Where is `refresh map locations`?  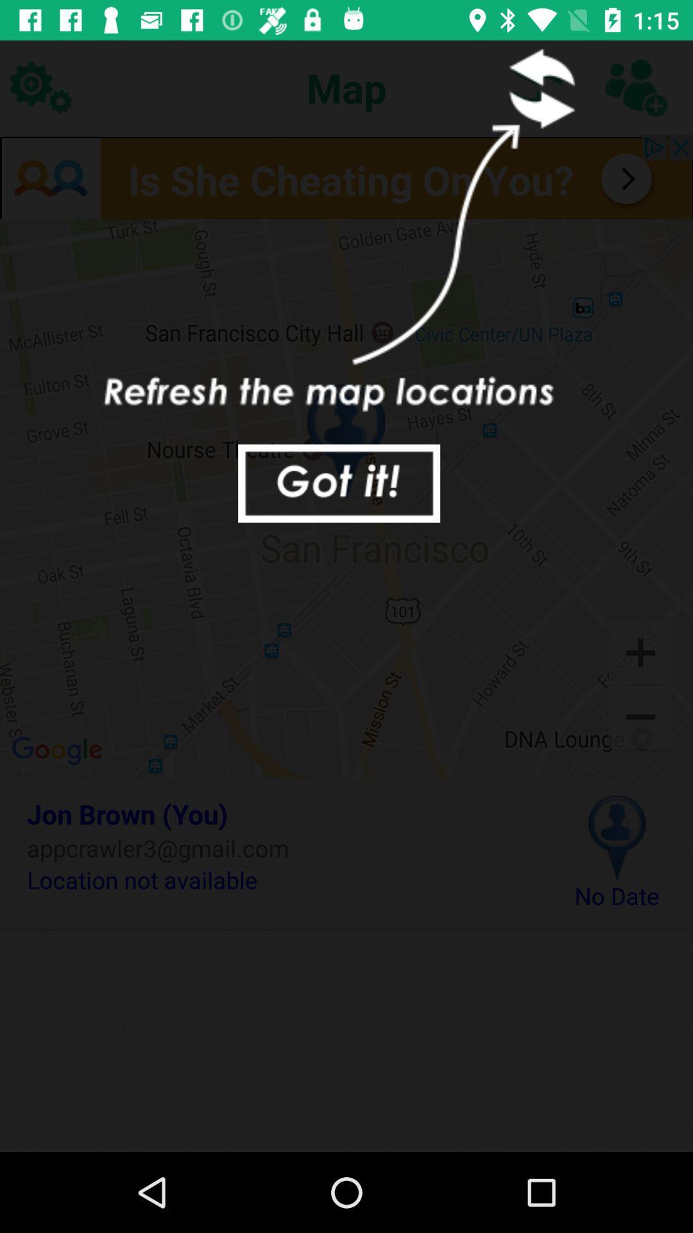 refresh map locations is located at coordinates (538, 87).